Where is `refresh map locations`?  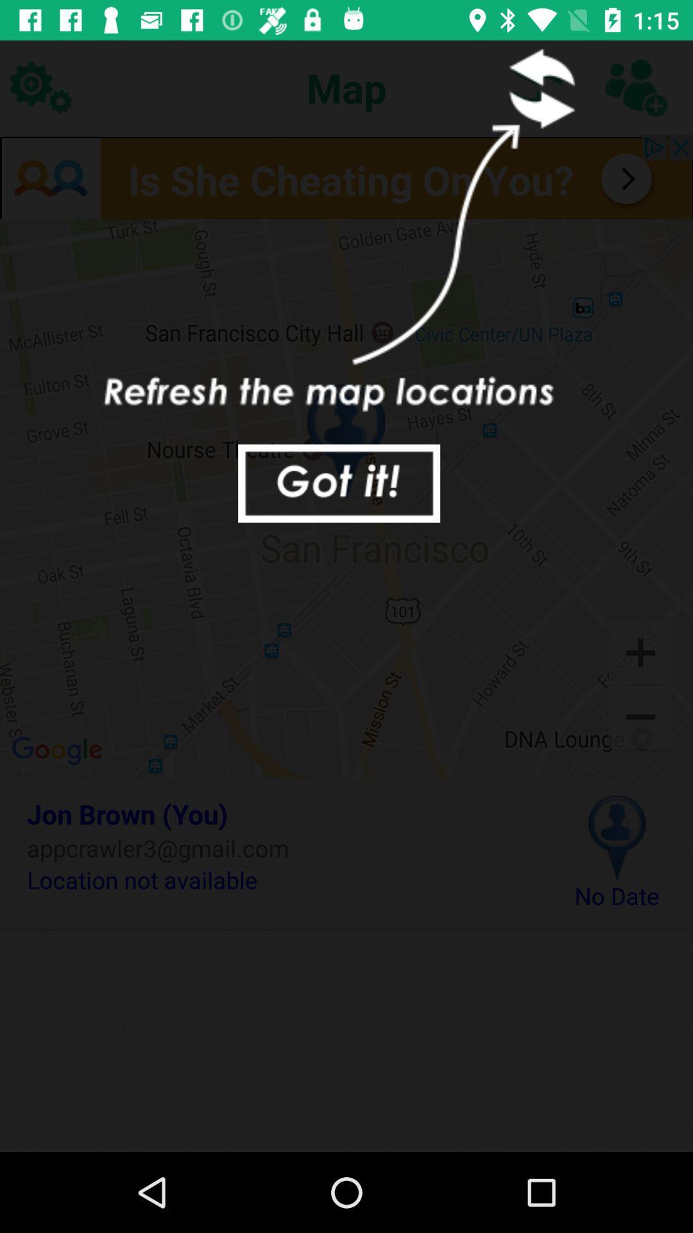 refresh map locations is located at coordinates (538, 87).